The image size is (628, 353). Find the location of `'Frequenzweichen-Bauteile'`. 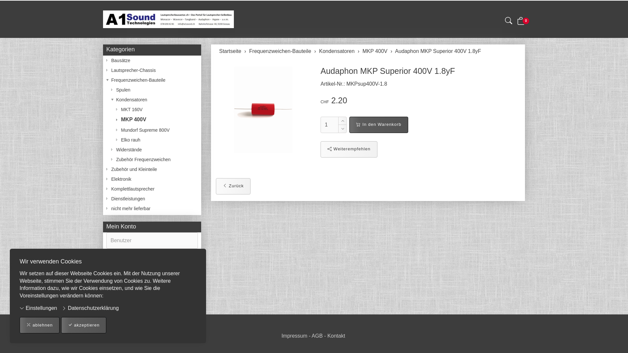

'Frequenzweichen-Bauteile' is located at coordinates (106, 80).